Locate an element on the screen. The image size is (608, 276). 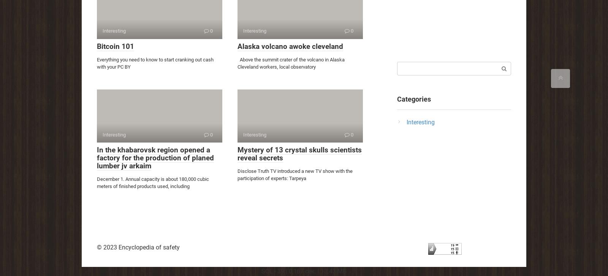
'Alaska volcano awoke cleveland' is located at coordinates (290, 46).